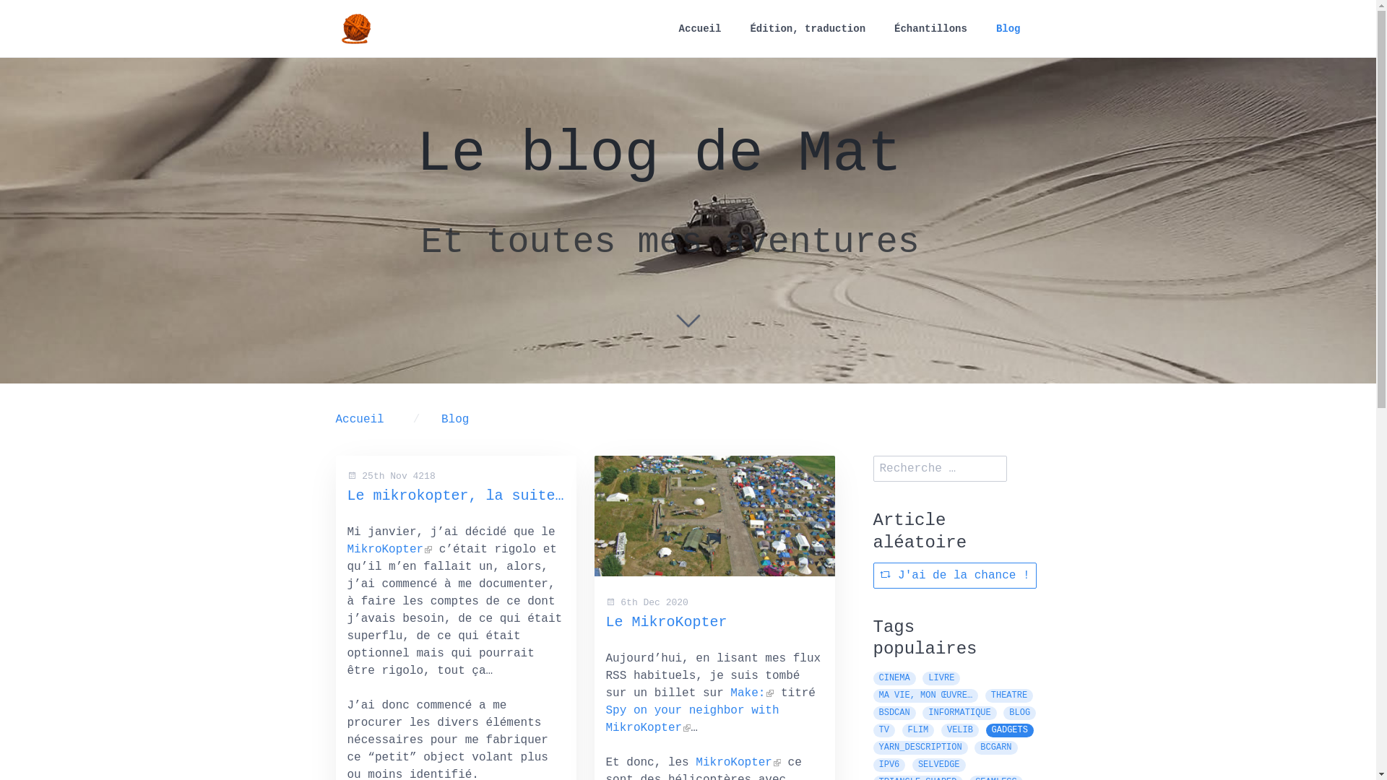 The height and width of the screenshot is (780, 1387). Describe the element at coordinates (893, 678) in the screenshot. I see `'CINEMA'` at that location.